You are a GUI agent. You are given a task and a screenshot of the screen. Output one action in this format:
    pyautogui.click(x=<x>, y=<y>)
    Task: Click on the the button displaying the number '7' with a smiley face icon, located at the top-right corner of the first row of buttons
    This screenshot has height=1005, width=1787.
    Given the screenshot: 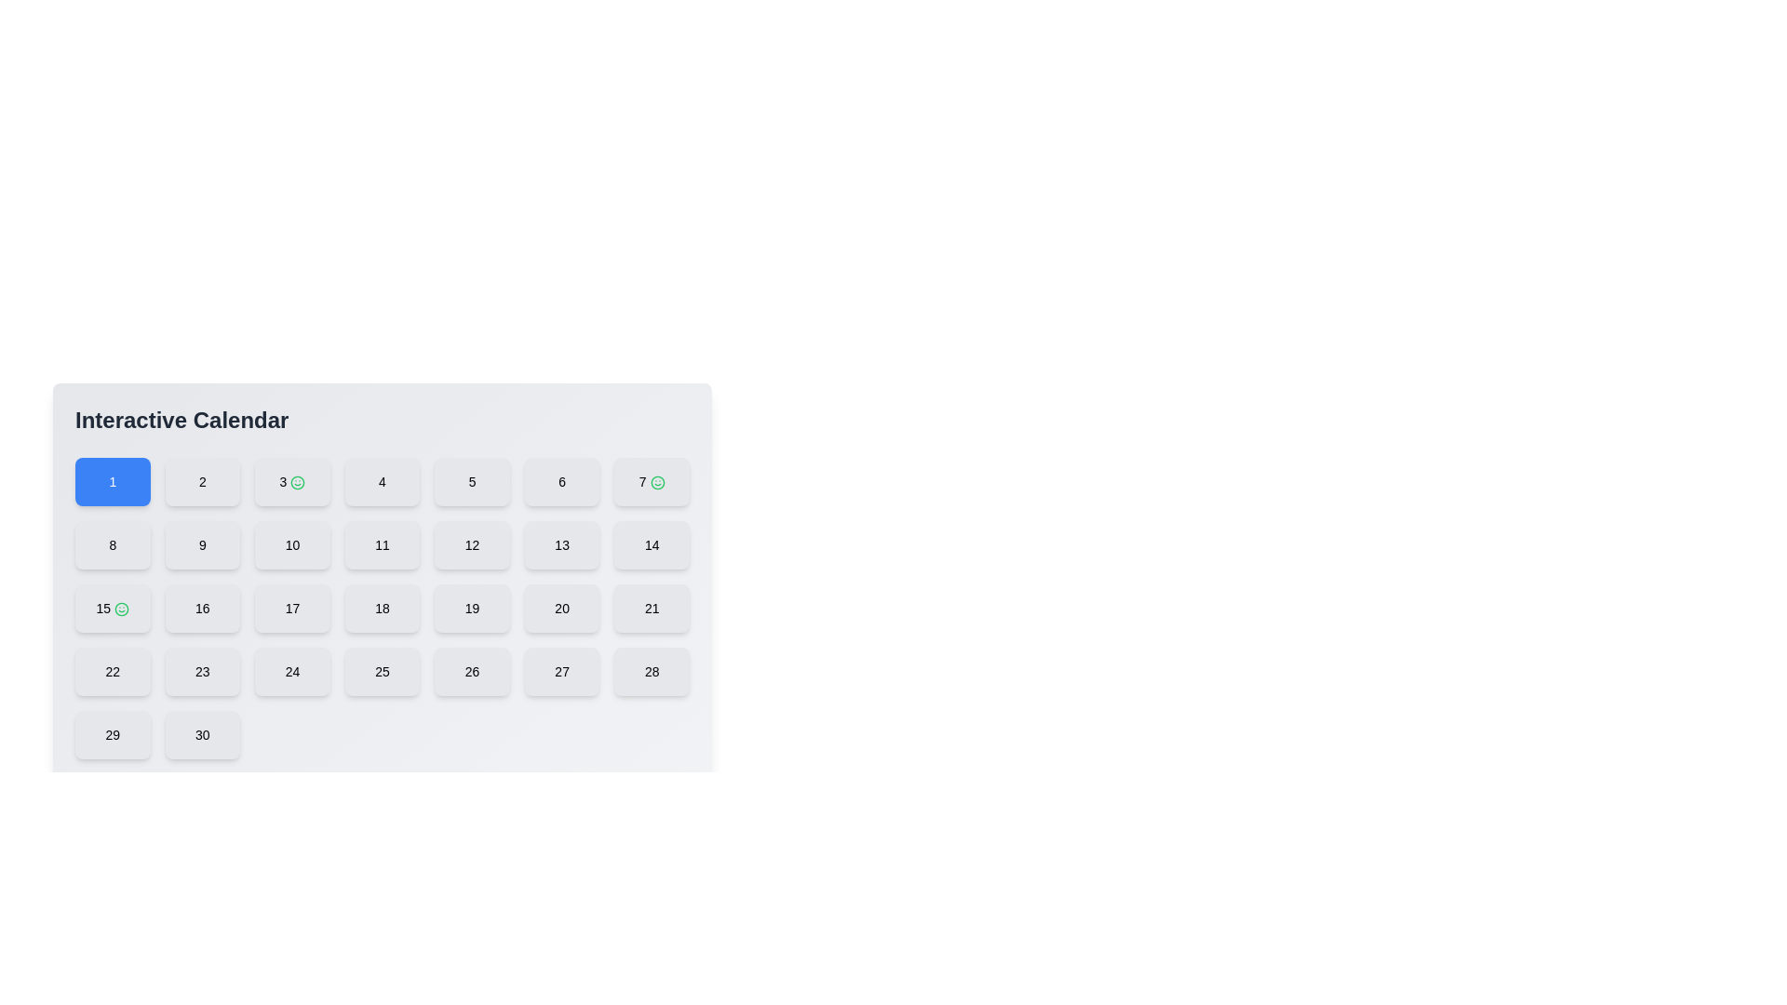 What is the action you would take?
    pyautogui.click(x=652, y=480)
    